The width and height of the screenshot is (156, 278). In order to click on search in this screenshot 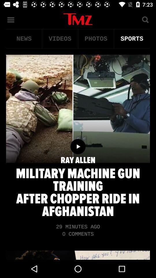, I will do `click(145, 19)`.